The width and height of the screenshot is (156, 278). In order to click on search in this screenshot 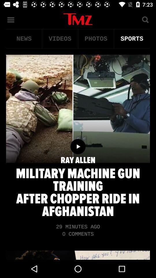, I will do `click(145, 19)`.